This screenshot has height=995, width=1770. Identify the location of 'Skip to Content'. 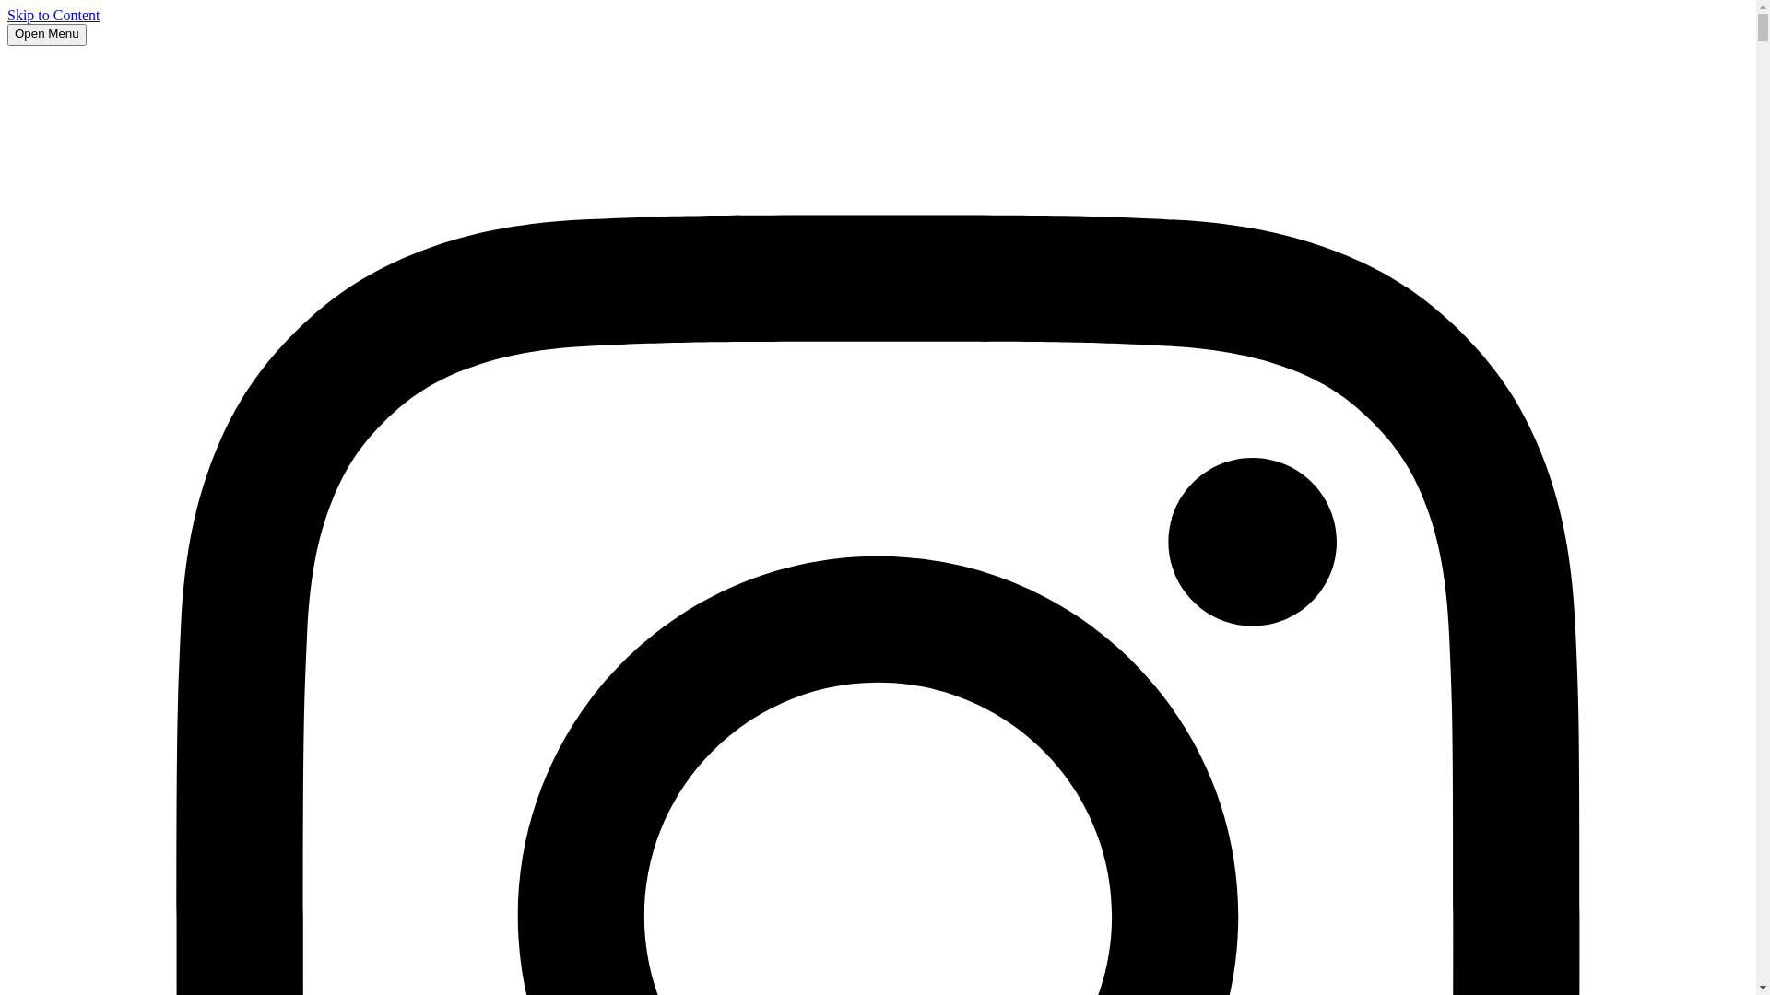
(7, 15).